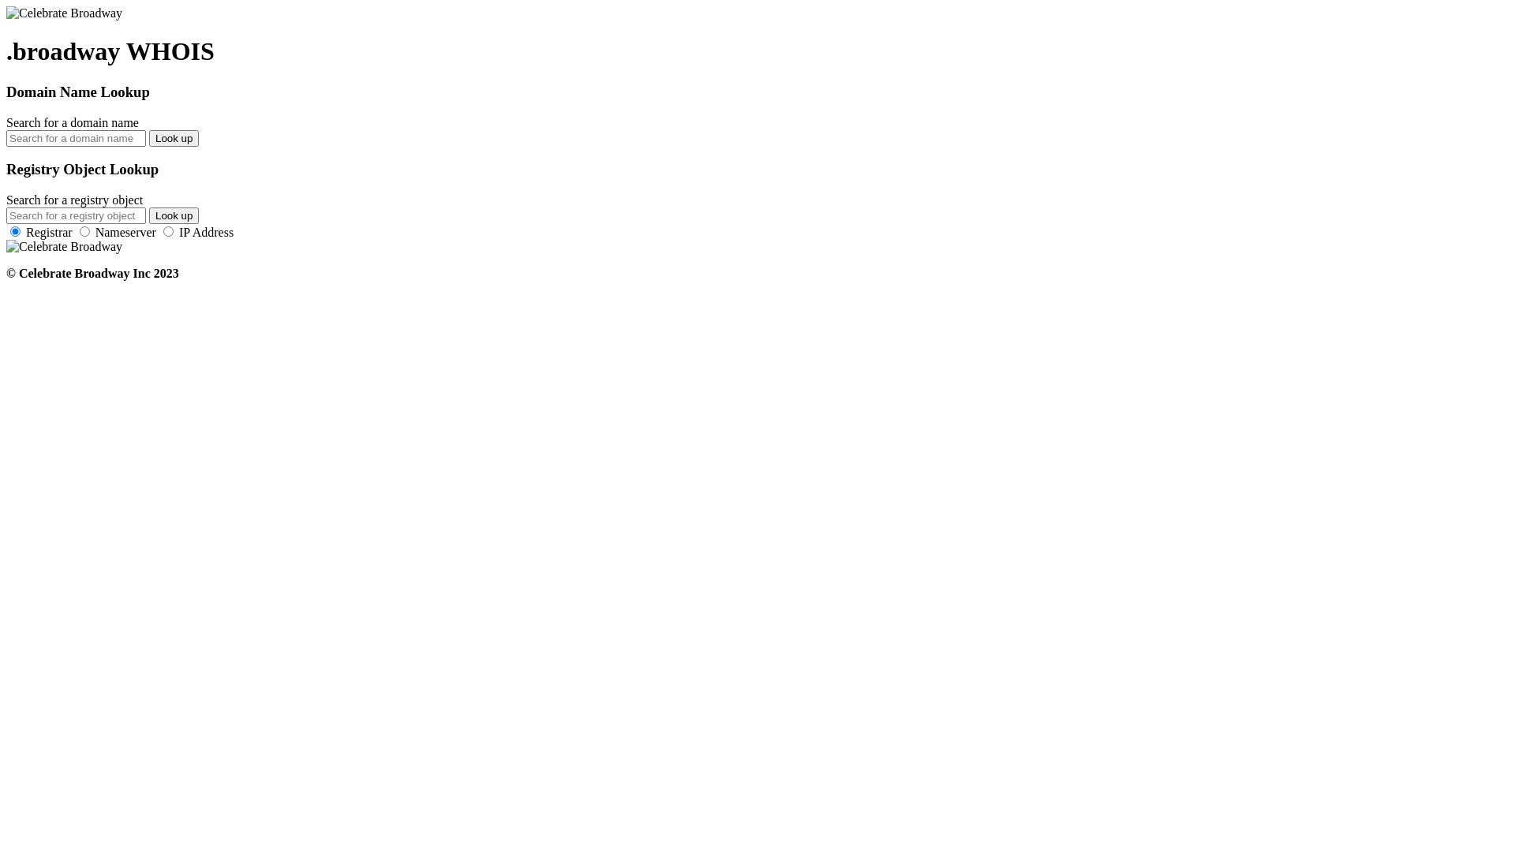 The width and height of the screenshot is (1515, 852). Describe the element at coordinates (174, 137) in the screenshot. I see `'Look up'` at that location.